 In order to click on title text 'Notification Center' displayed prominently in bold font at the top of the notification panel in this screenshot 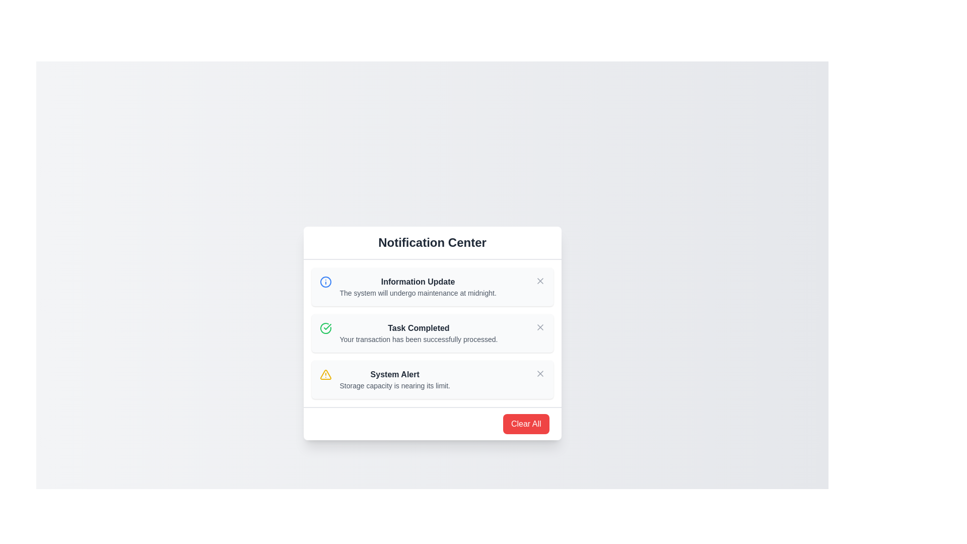, I will do `click(432, 243)`.